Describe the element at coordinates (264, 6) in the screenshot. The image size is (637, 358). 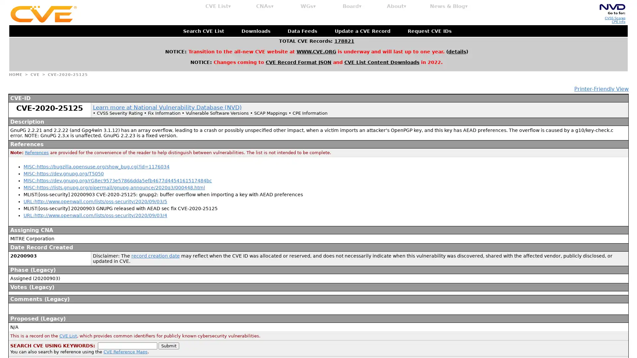
I see `CNAs` at that location.